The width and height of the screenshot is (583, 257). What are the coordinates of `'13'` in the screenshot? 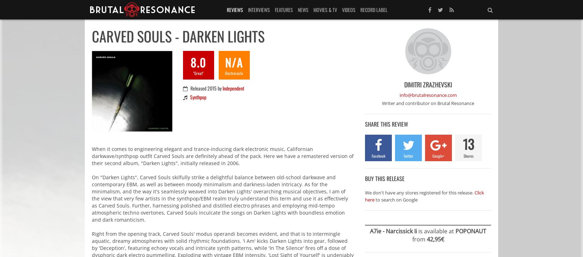 It's located at (468, 143).